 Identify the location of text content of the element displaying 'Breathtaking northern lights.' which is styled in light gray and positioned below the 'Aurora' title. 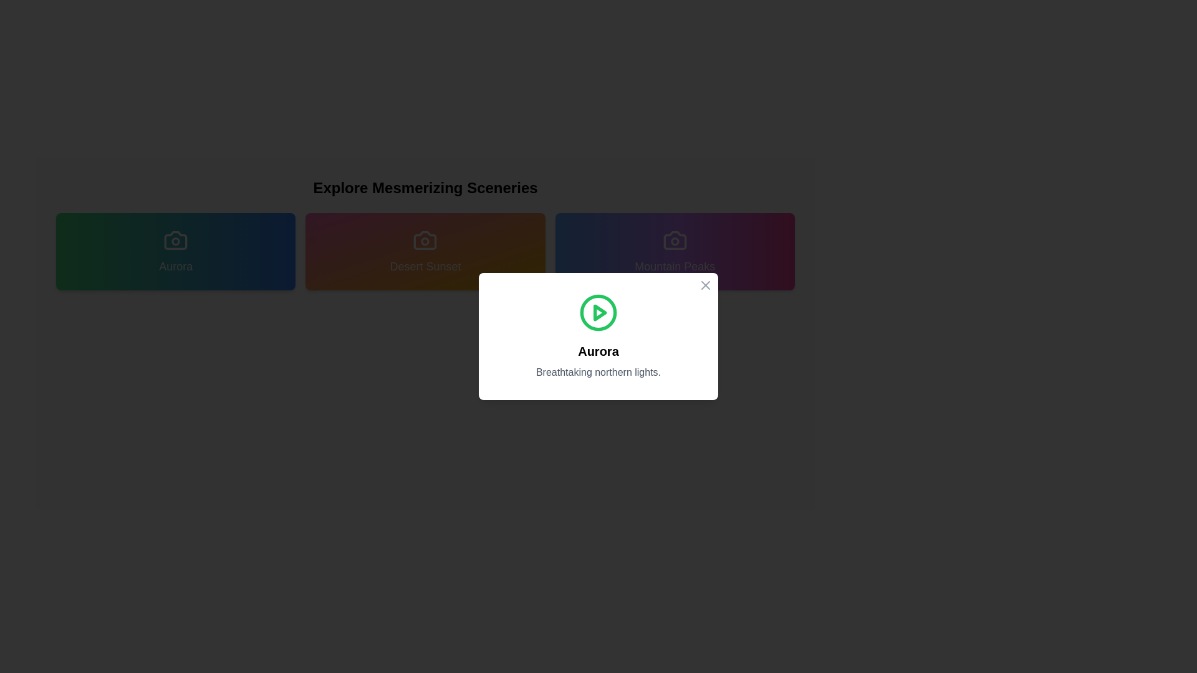
(598, 371).